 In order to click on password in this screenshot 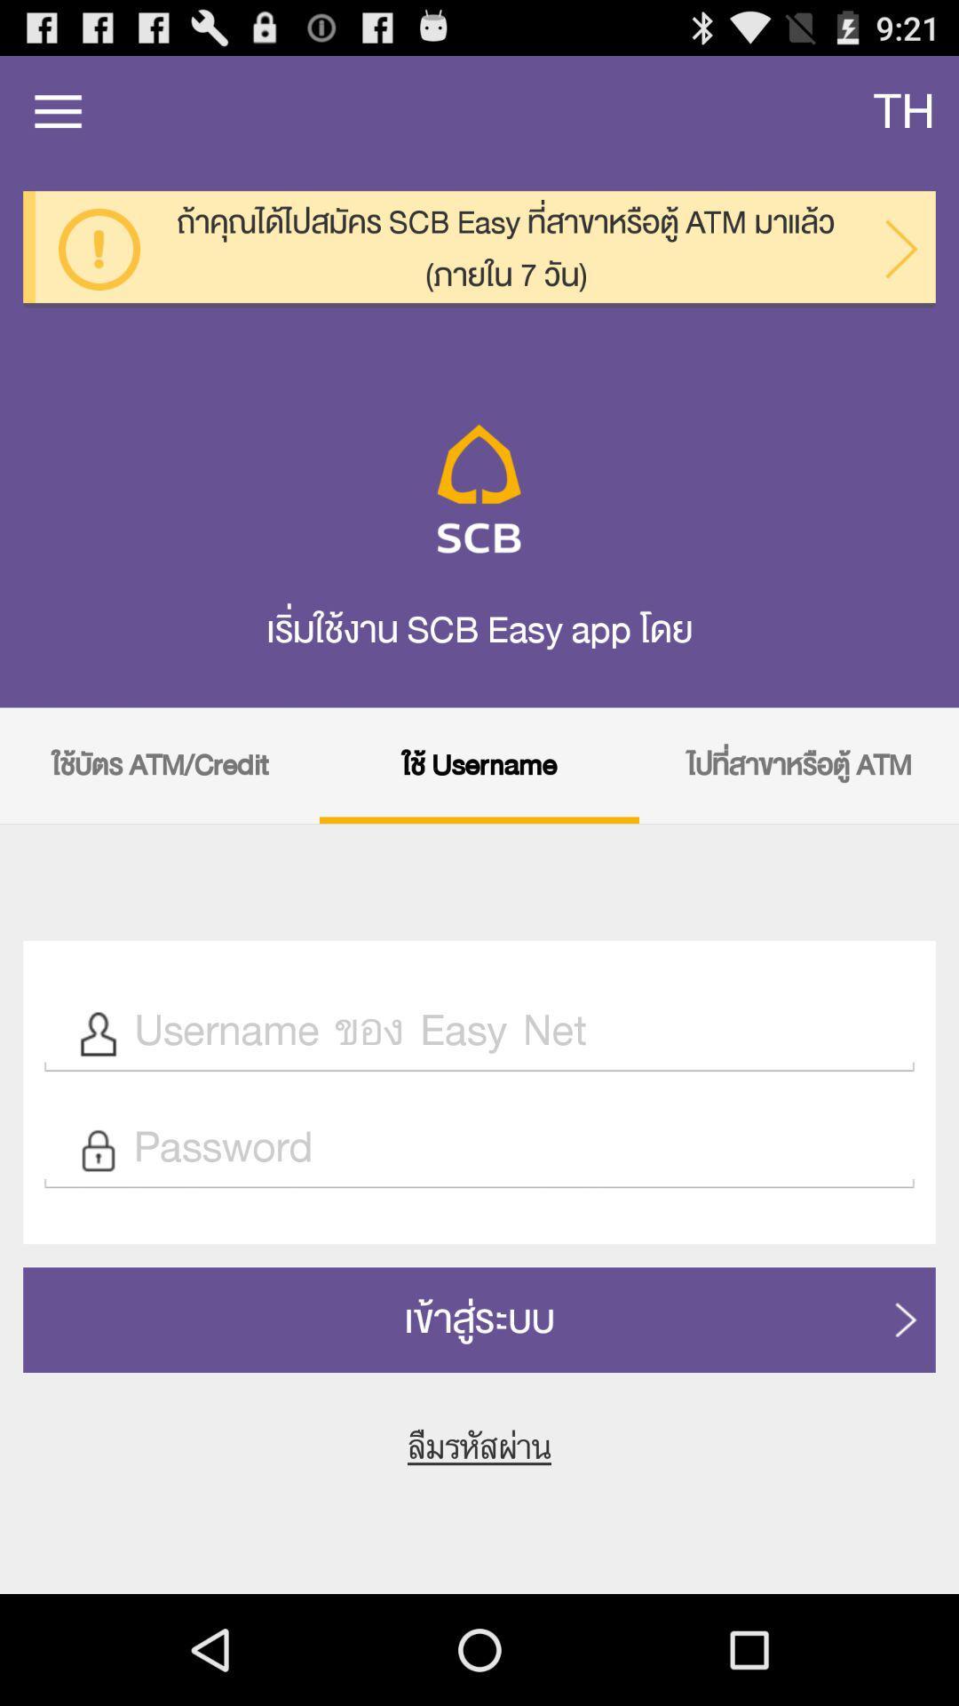, I will do `click(514, 1150)`.